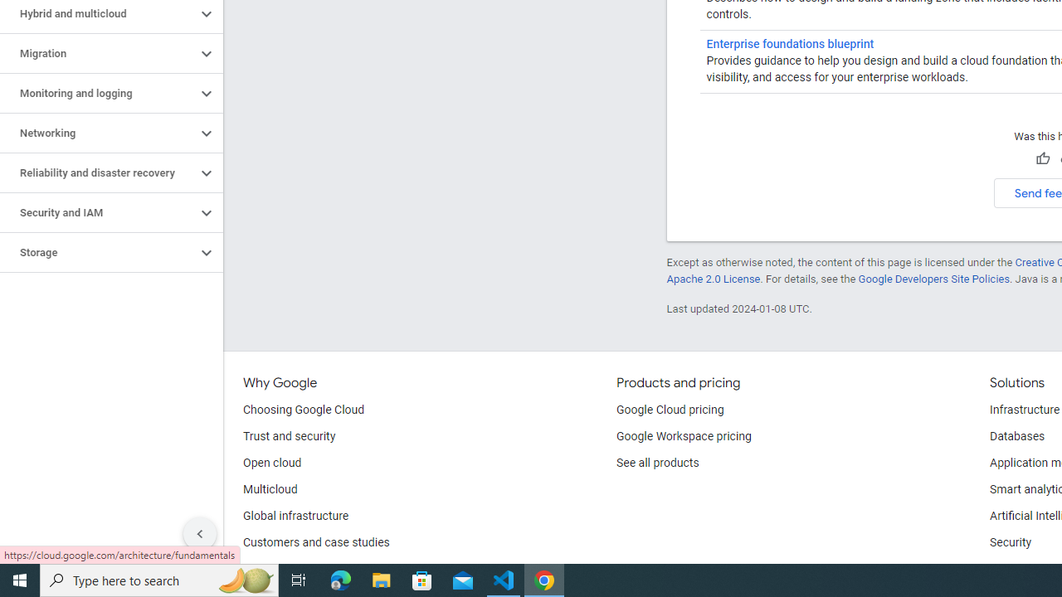 This screenshot has width=1062, height=597. What do you see at coordinates (289, 436) in the screenshot?
I see `'Trust and security'` at bounding box center [289, 436].